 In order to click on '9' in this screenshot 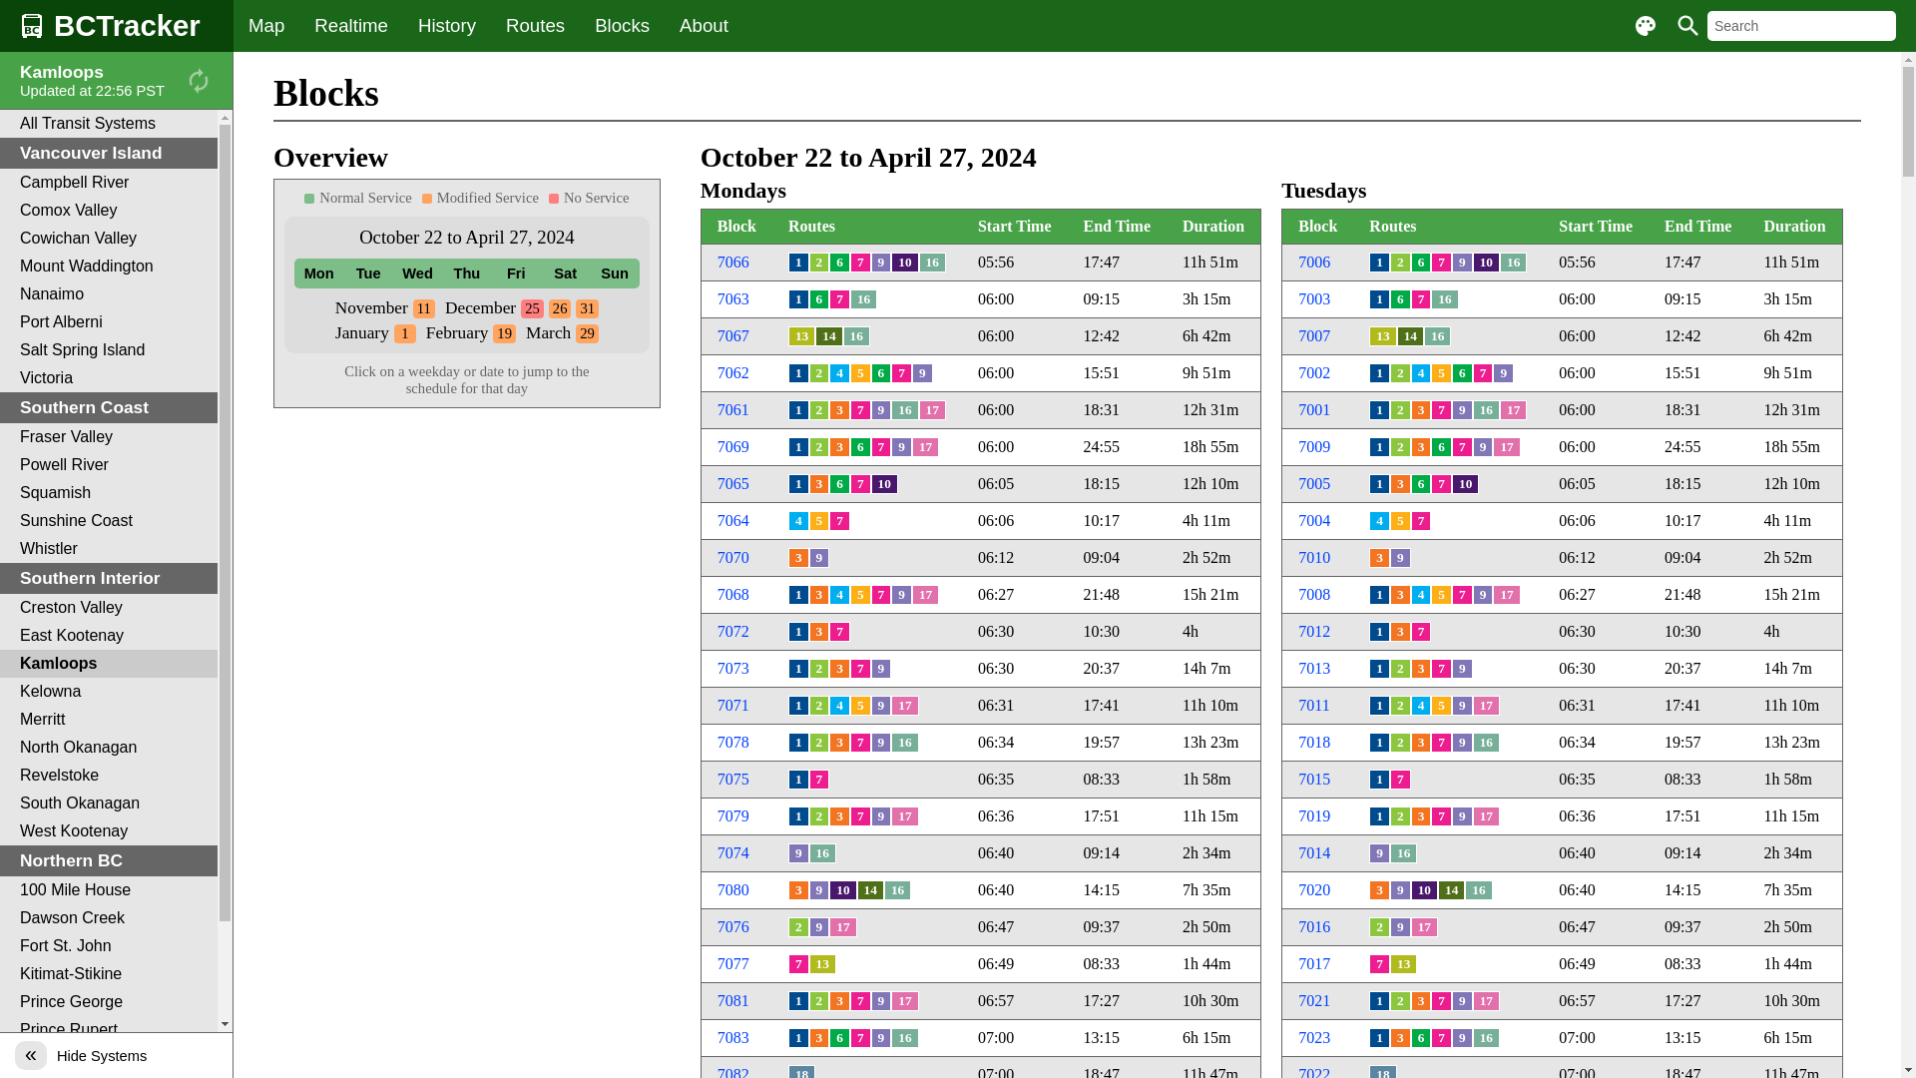, I will do `click(819, 888)`.